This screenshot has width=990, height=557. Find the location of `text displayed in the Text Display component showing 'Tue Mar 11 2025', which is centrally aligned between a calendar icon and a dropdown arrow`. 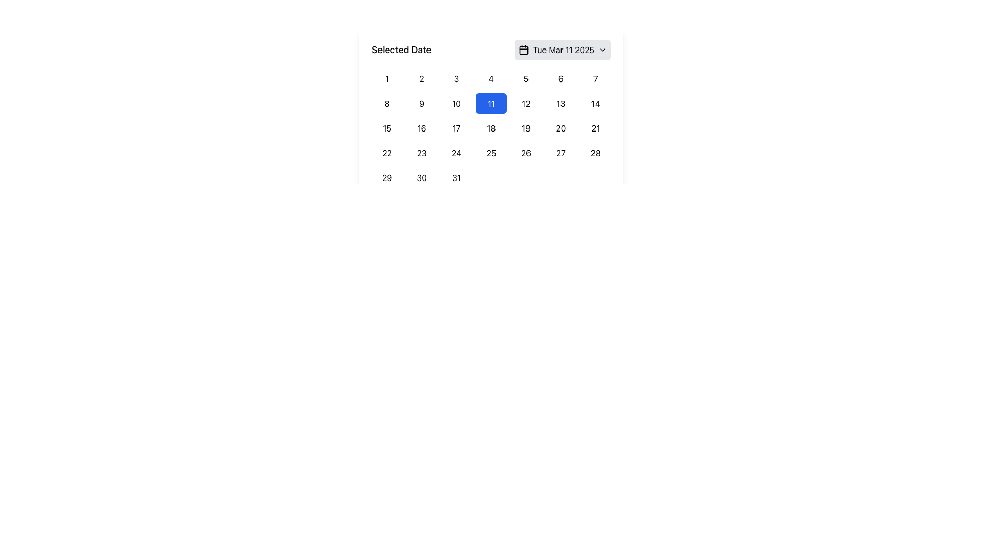

text displayed in the Text Display component showing 'Tue Mar 11 2025', which is centrally aligned between a calendar icon and a dropdown arrow is located at coordinates (563, 50).